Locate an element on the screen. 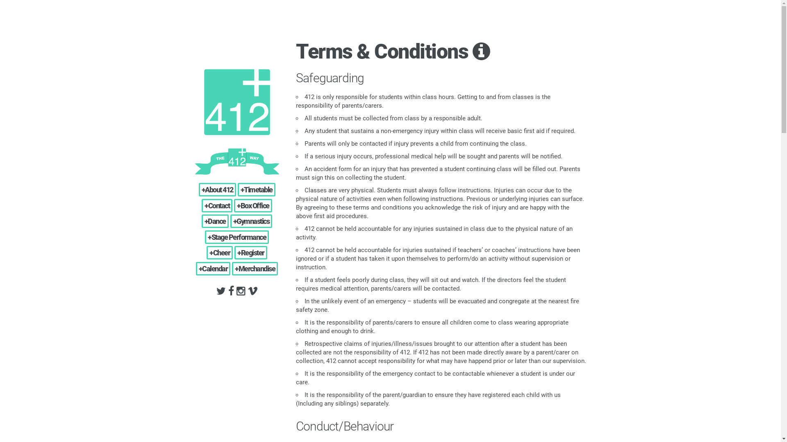 The width and height of the screenshot is (787, 442). '+Dance' is located at coordinates (215, 221).